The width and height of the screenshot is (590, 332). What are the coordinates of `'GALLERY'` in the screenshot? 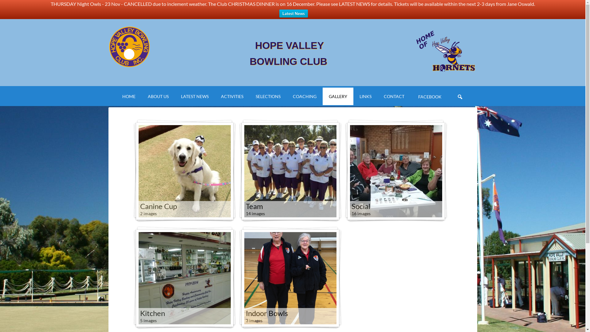 It's located at (337, 96).